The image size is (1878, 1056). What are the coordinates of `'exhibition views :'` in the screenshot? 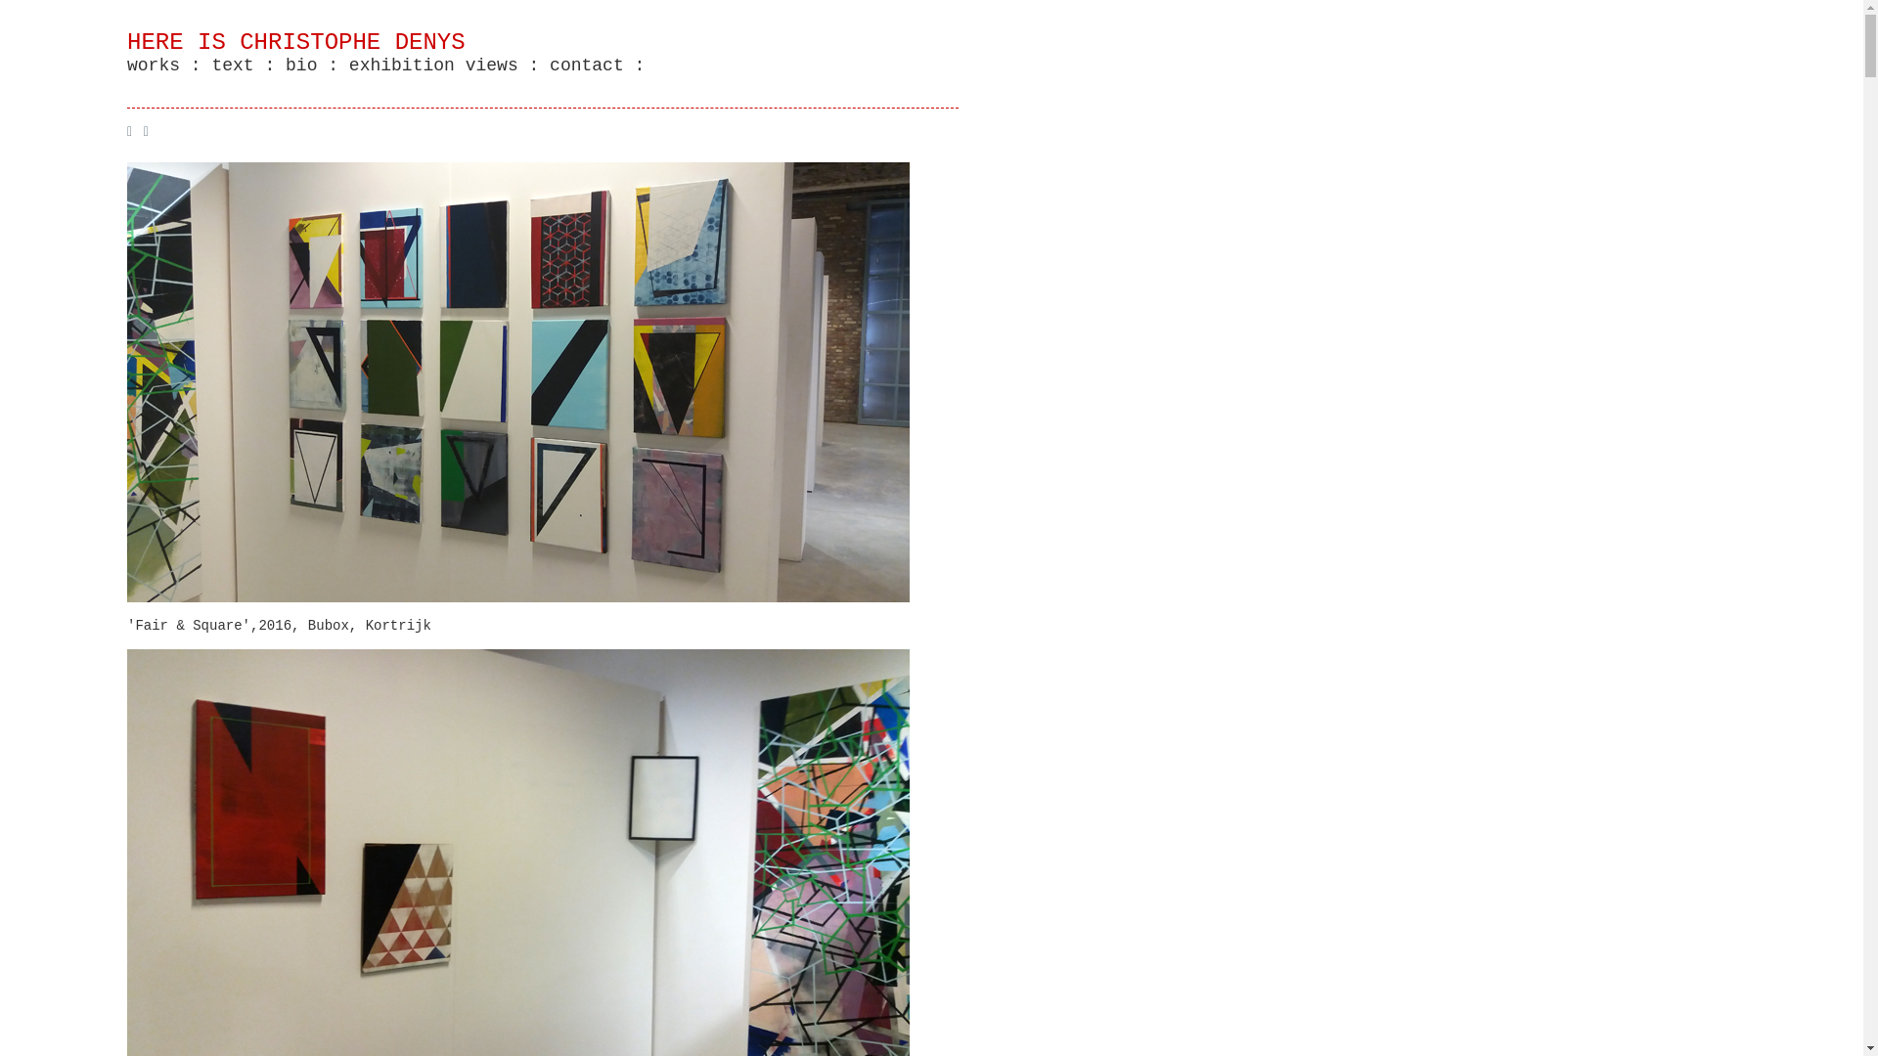 It's located at (337, 64).